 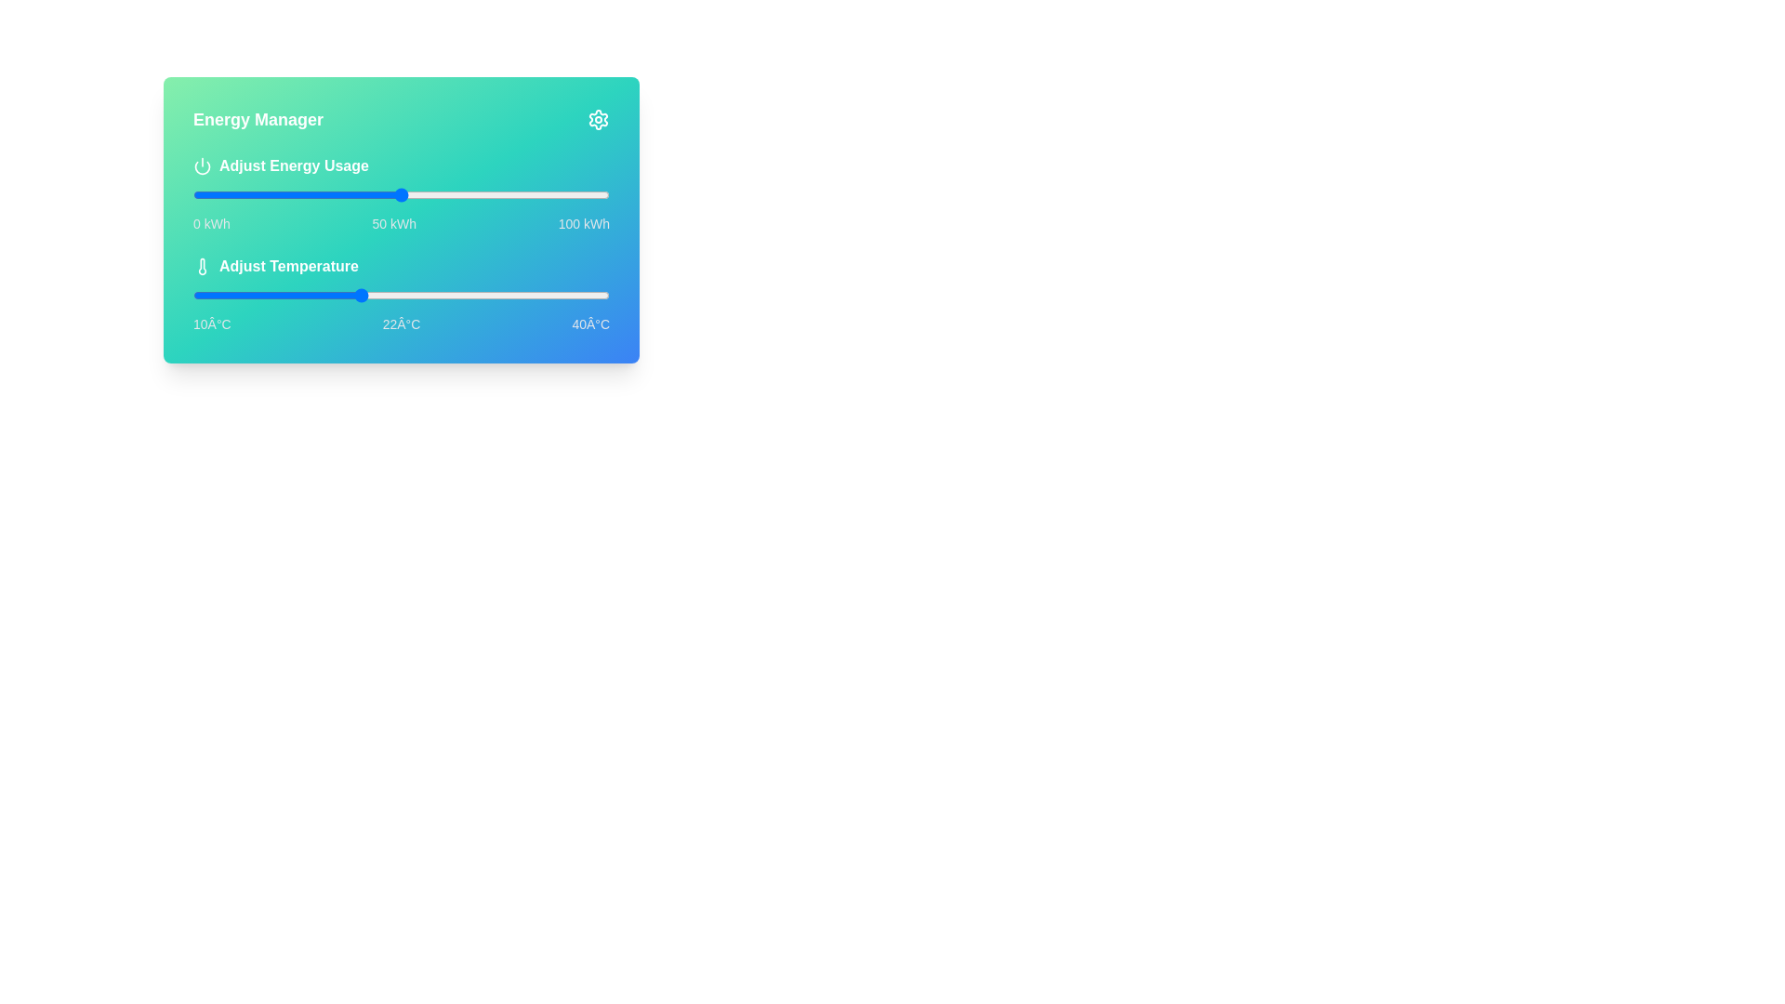 I want to click on the temperature to 12°C using the slider, so click(x=220, y=294).